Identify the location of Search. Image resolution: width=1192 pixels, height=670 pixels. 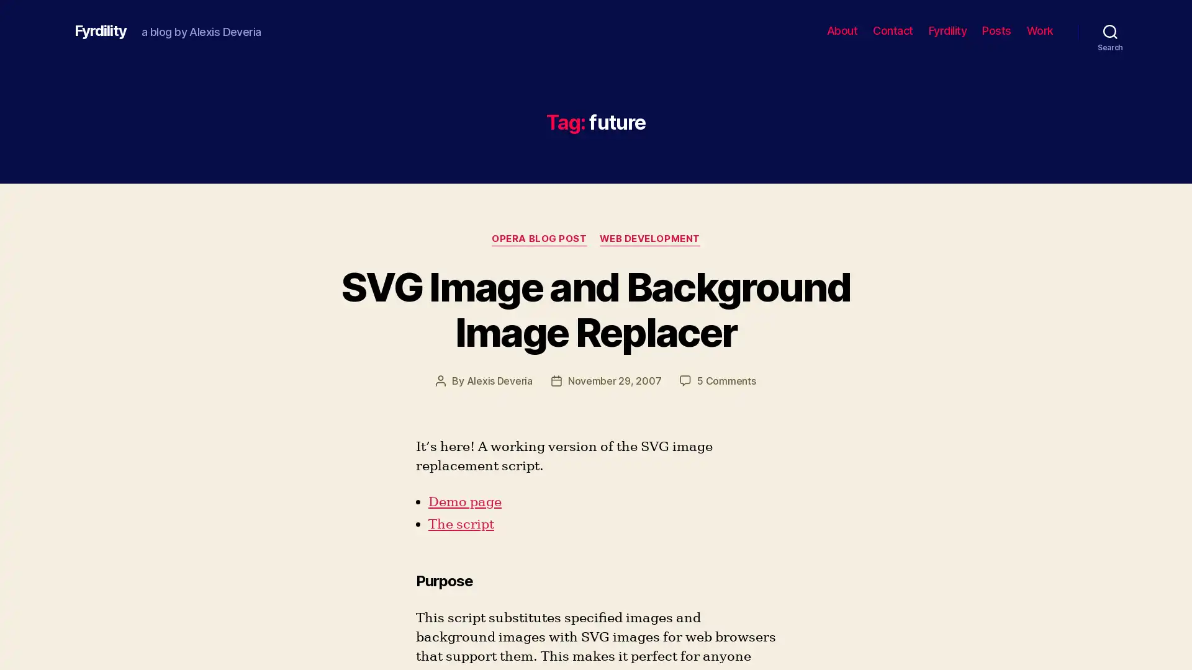
(1110, 30).